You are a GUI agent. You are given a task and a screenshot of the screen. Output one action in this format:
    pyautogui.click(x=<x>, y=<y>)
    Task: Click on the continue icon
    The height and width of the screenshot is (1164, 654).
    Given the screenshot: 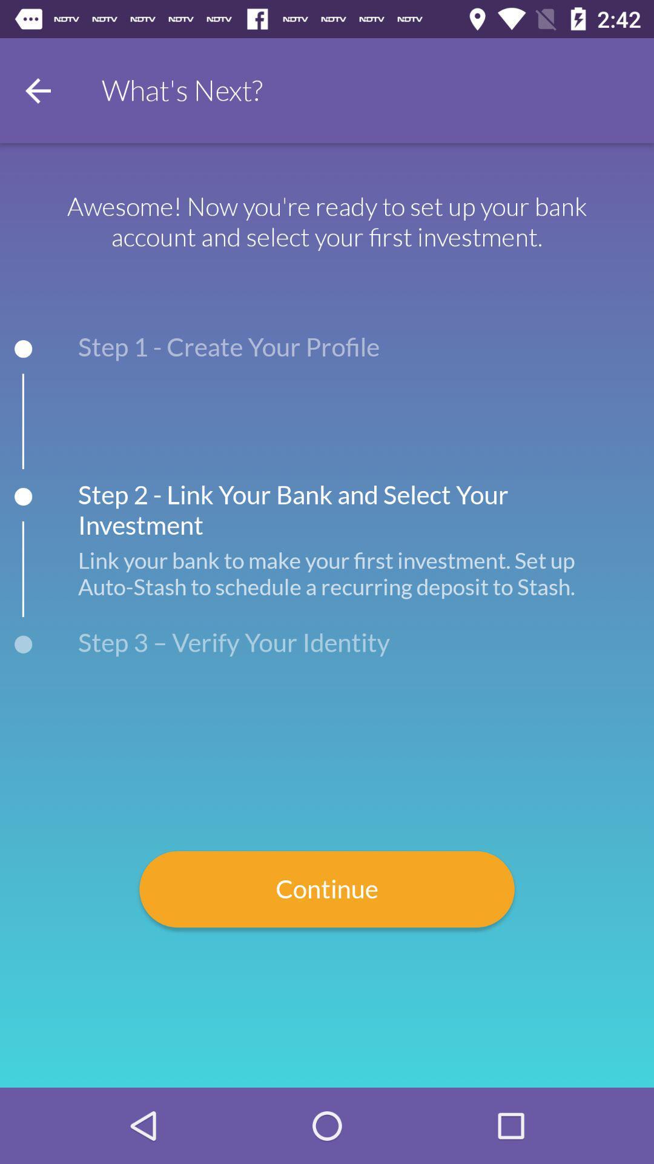 What is the action you would take?
    pyautogui.click(x=327, y=889)
    